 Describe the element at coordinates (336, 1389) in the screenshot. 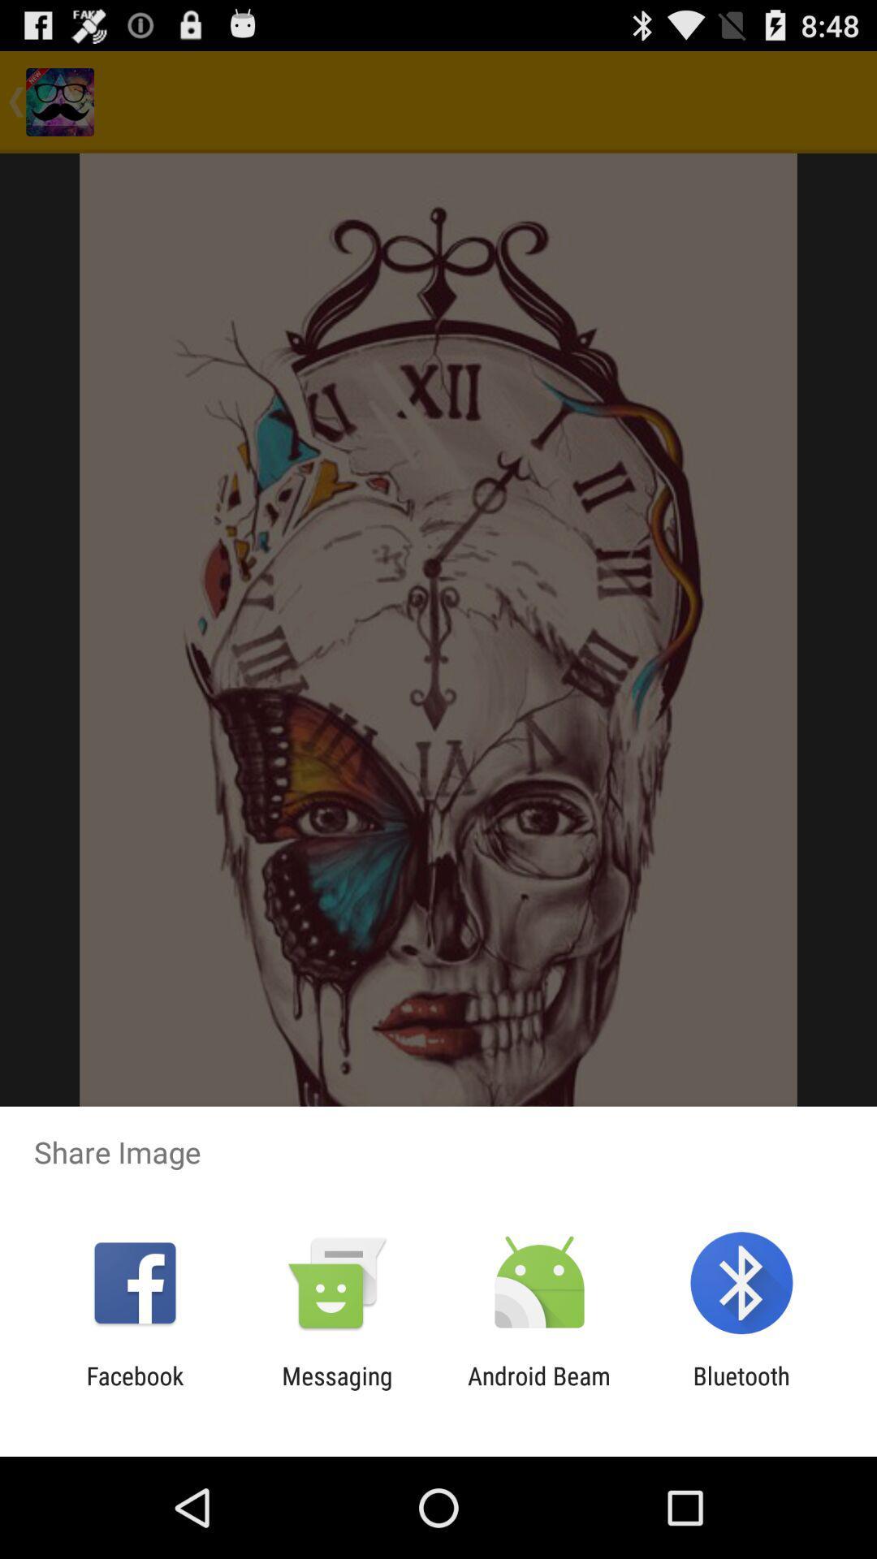

I see `the messaging item` at that location.